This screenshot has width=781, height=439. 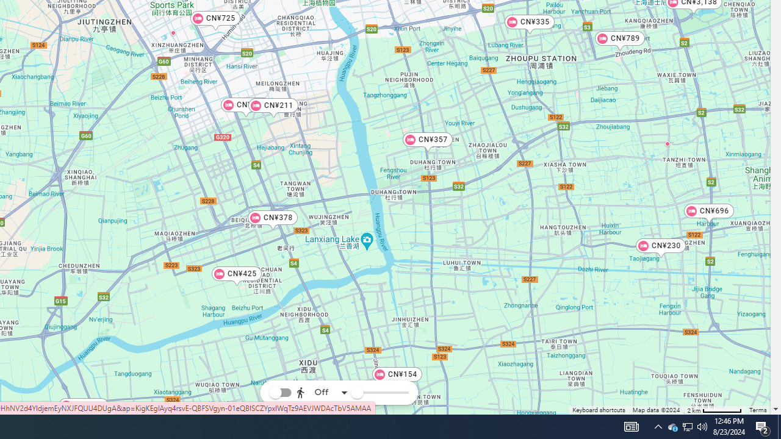 What do you see at coordinates (322, 393) in the screenshot?
I see `'Off'` at bounding box center [322, 393].